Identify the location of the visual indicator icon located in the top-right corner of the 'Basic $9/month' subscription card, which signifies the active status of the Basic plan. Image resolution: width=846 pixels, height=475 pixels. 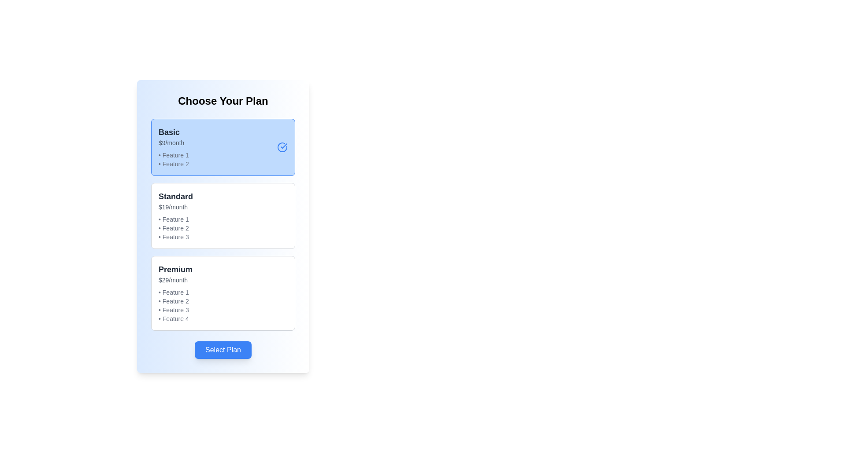
(282, 147).